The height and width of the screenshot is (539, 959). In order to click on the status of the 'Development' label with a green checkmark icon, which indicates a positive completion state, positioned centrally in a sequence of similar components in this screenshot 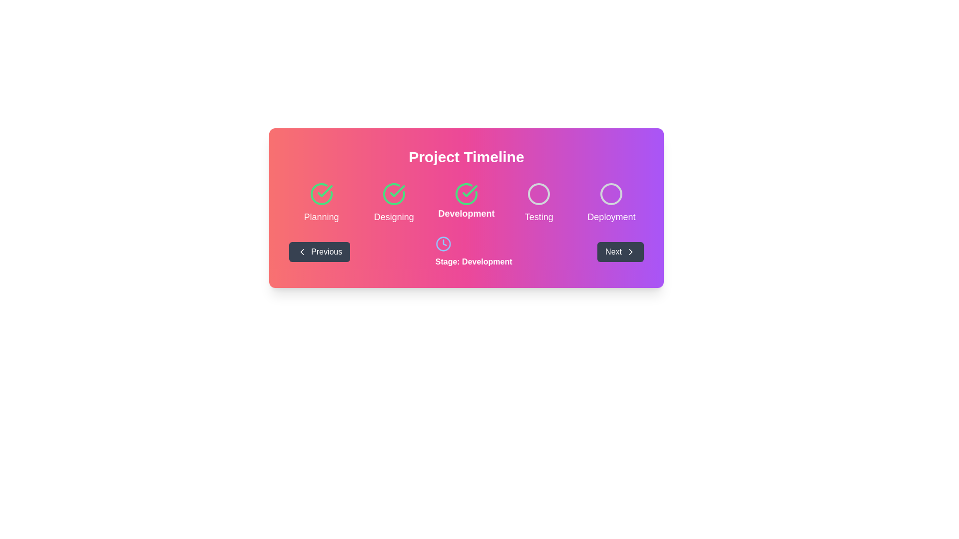, I will do `click(466, 203)`.